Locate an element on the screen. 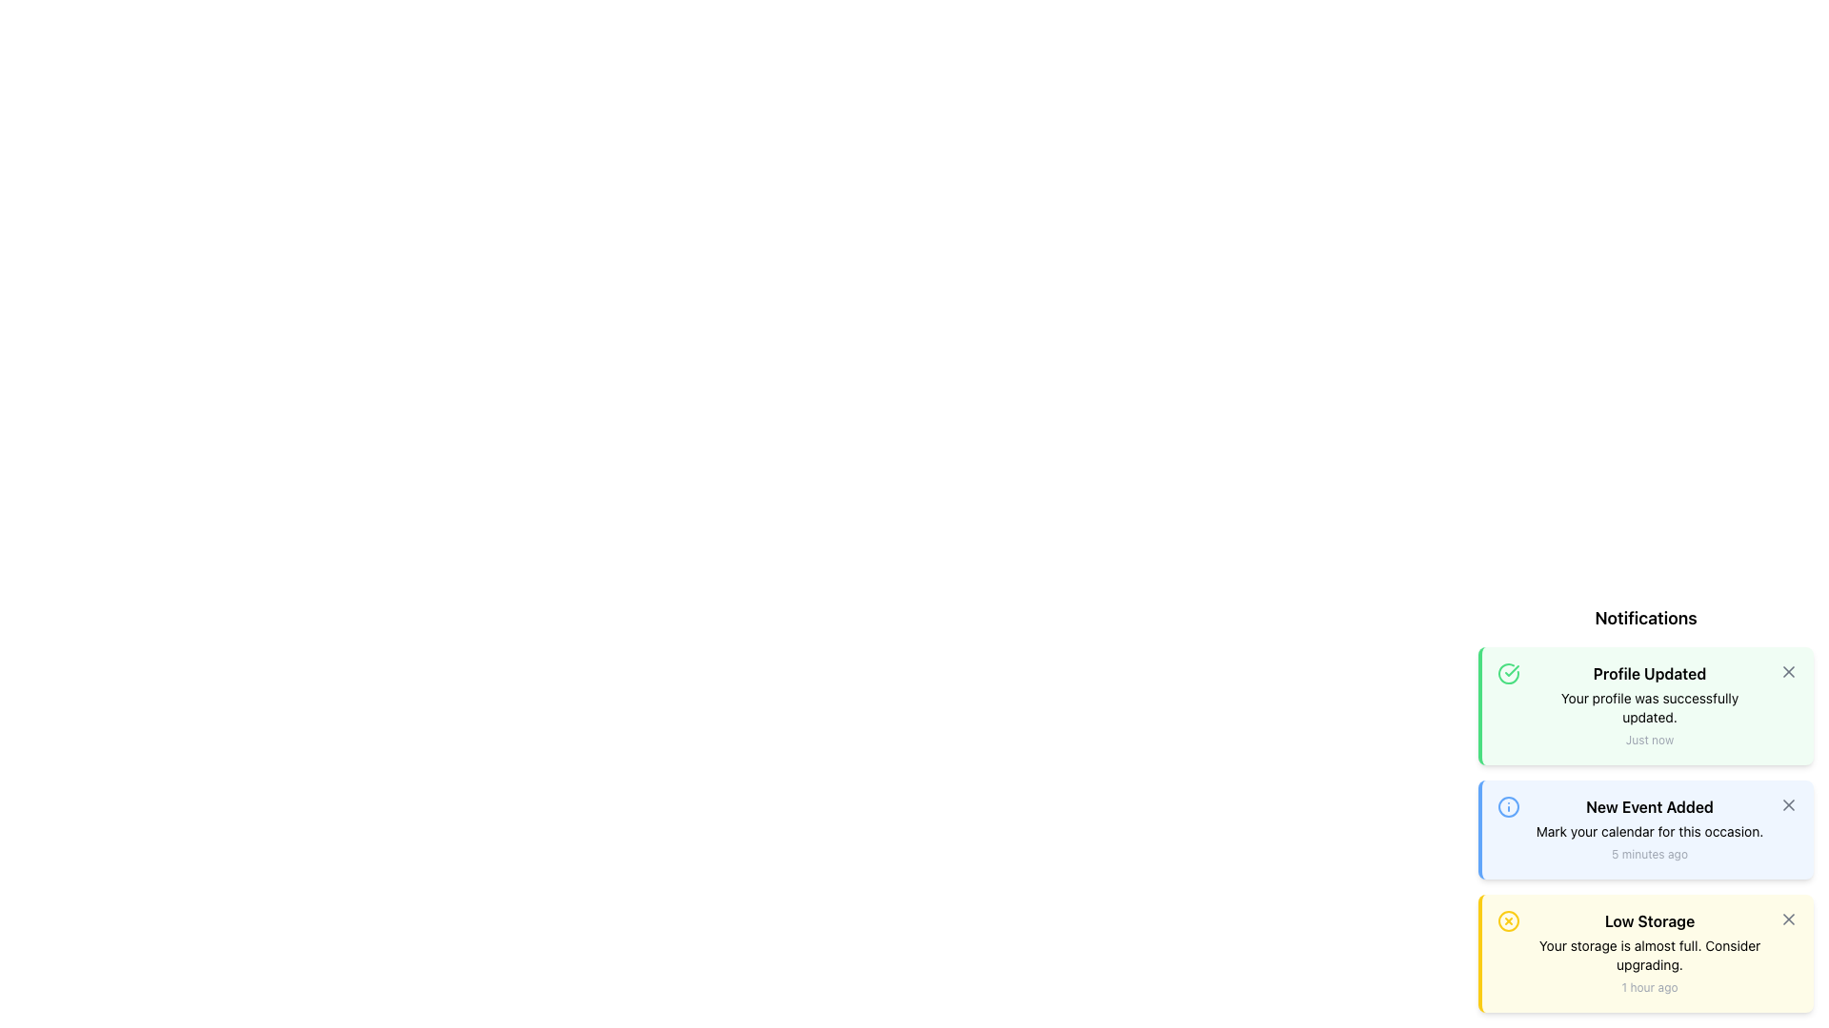  the circular warning indicator for the 'Low Storage' notification, which is part of an SVG graphical component, positioned to the left of the associated text and icon is located at coordinates (1508, 920).